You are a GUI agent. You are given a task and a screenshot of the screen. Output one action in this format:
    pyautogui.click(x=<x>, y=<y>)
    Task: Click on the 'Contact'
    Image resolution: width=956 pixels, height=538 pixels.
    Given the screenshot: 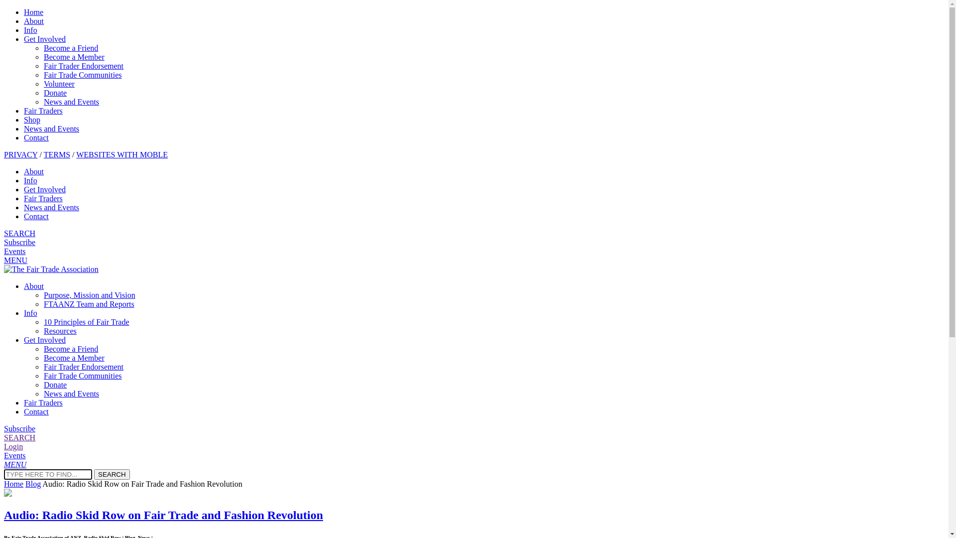 What is the action you would take?
    pyautogui.click(x=36, y=411)
    